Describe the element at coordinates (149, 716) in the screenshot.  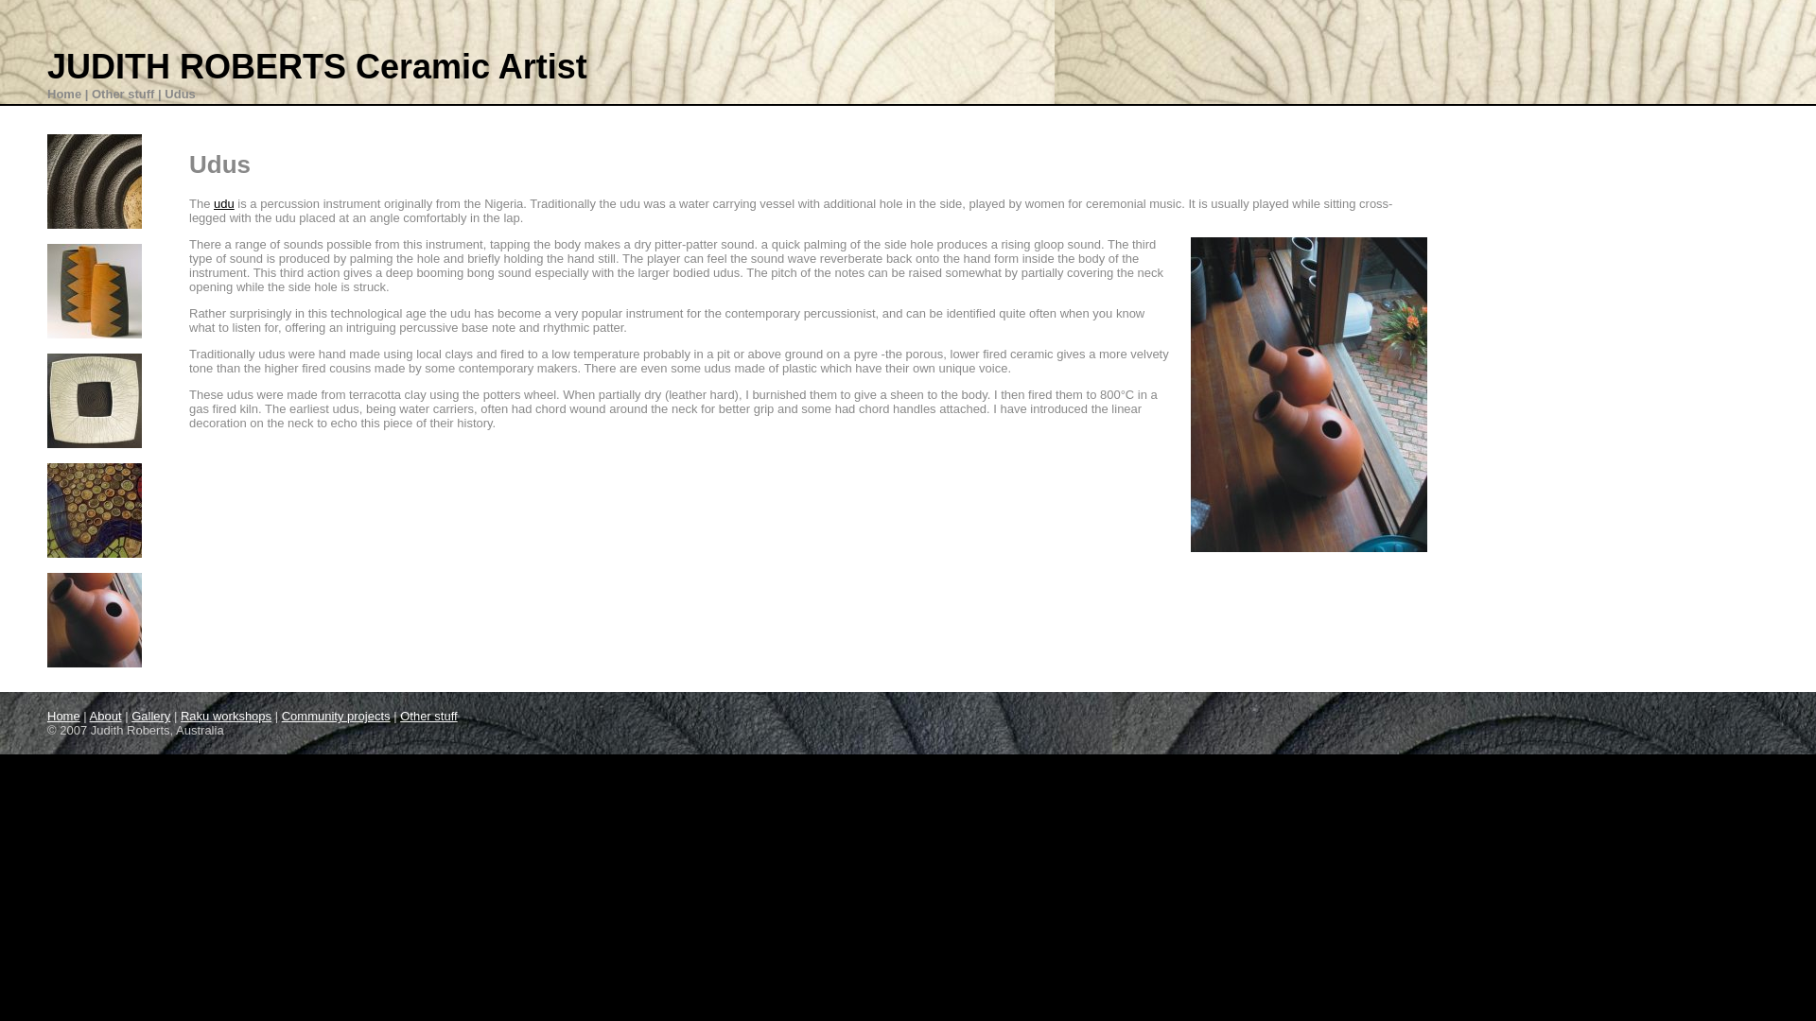
I see `'Gallery'` at that location.